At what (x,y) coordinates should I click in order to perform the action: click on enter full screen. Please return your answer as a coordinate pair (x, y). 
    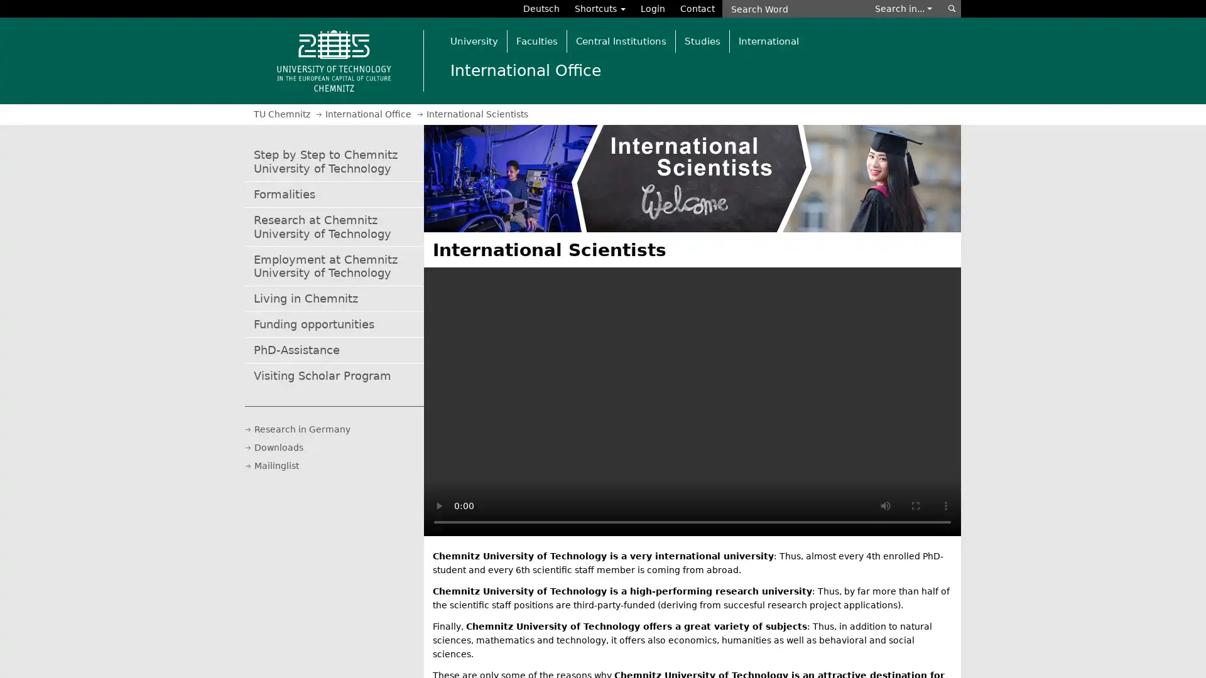
    Looking at the image, I should click on (916, 505).